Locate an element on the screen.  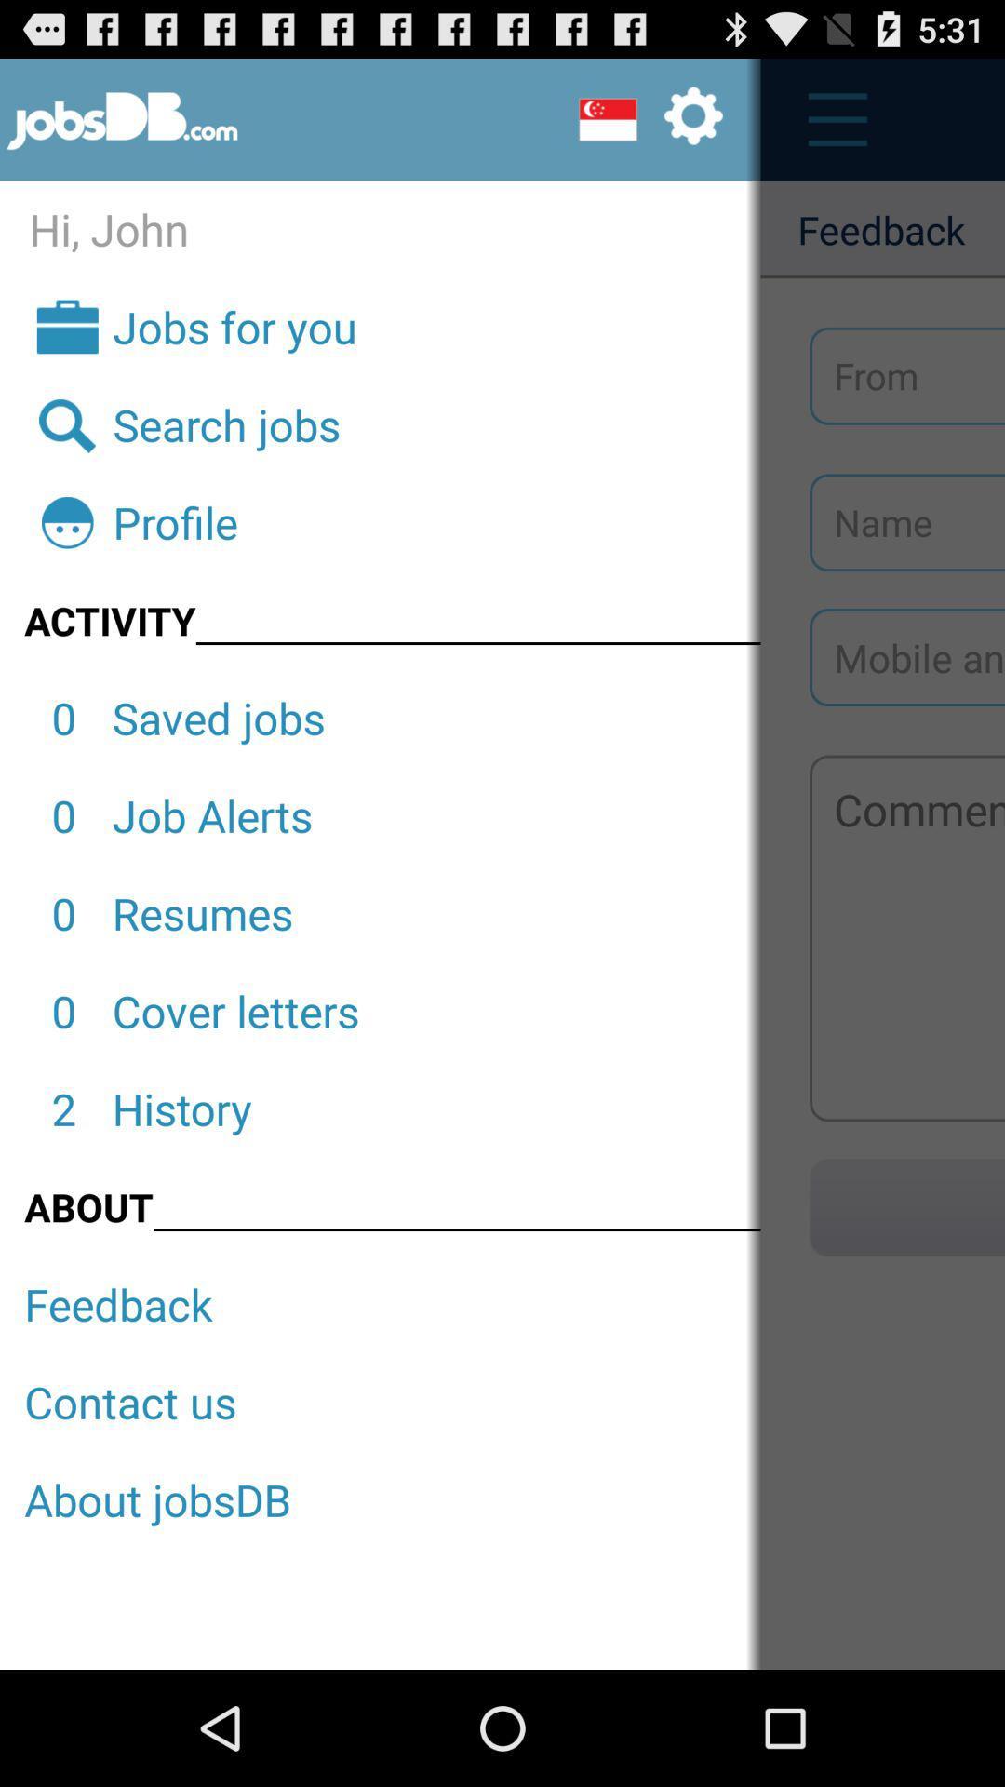
setting is located at coordinates (650, 118).